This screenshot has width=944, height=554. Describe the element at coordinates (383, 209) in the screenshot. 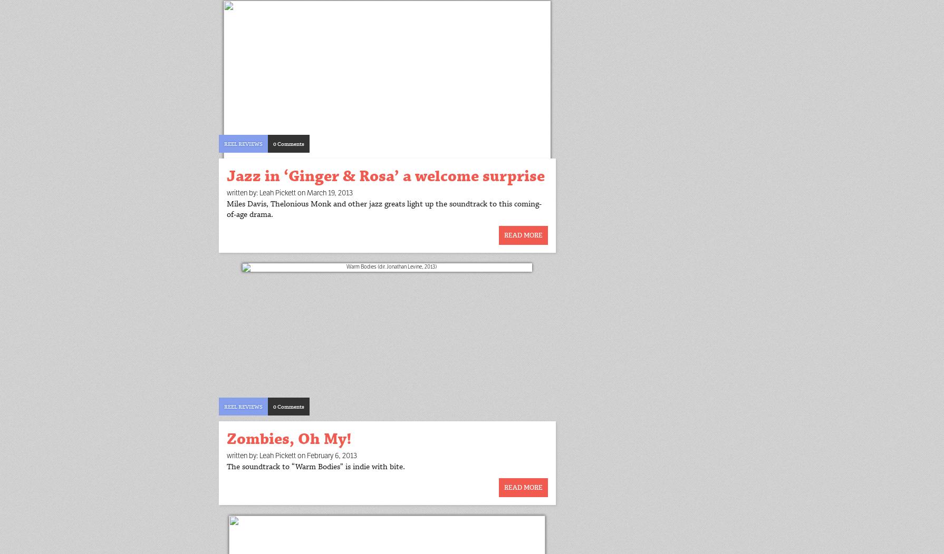

I see `'Miles Davis, Thelonious Monk and other jazz greats light up the soundtrack to this coming-of-age drama.'` at that location.